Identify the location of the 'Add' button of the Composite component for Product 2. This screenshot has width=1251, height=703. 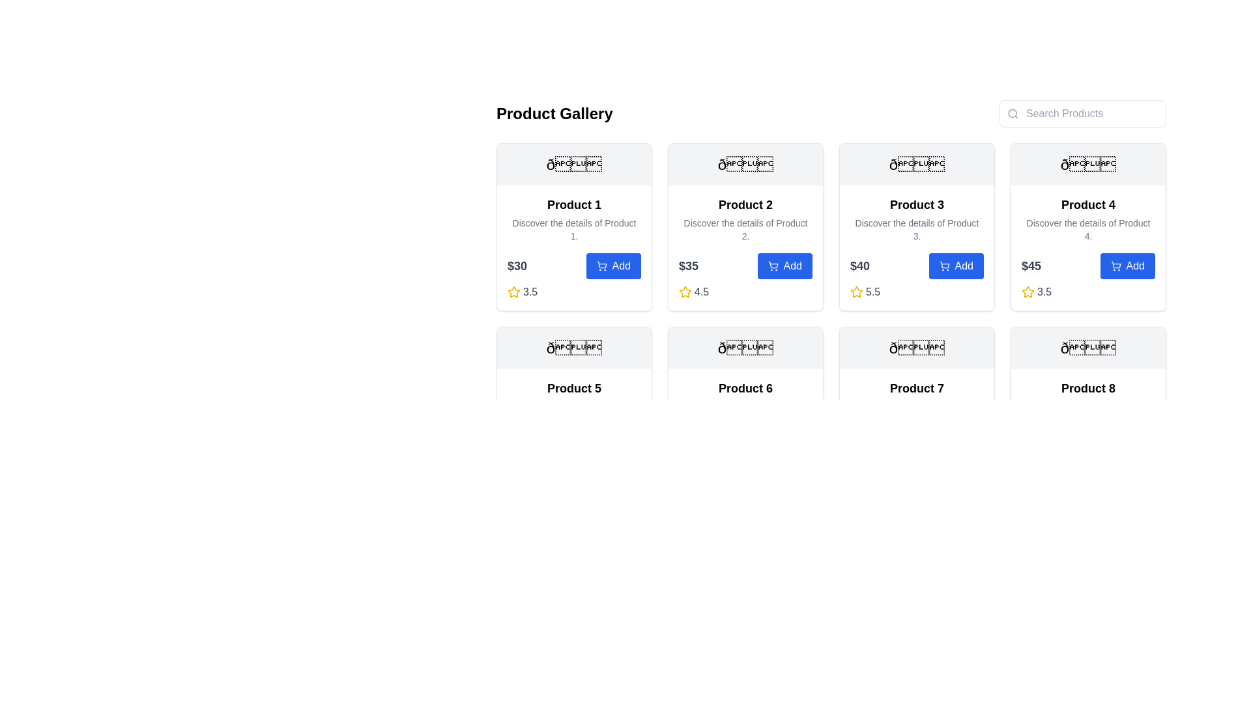
(745, 265).